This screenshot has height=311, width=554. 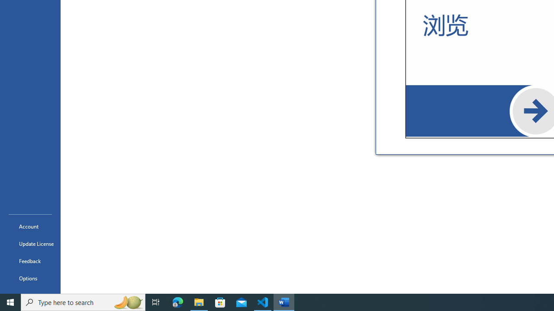 What do you see at coordinates (262, 301) in the screenshot?
I see `'Visual Studio Code - 1 running window'` at bounding box center [262, 301].